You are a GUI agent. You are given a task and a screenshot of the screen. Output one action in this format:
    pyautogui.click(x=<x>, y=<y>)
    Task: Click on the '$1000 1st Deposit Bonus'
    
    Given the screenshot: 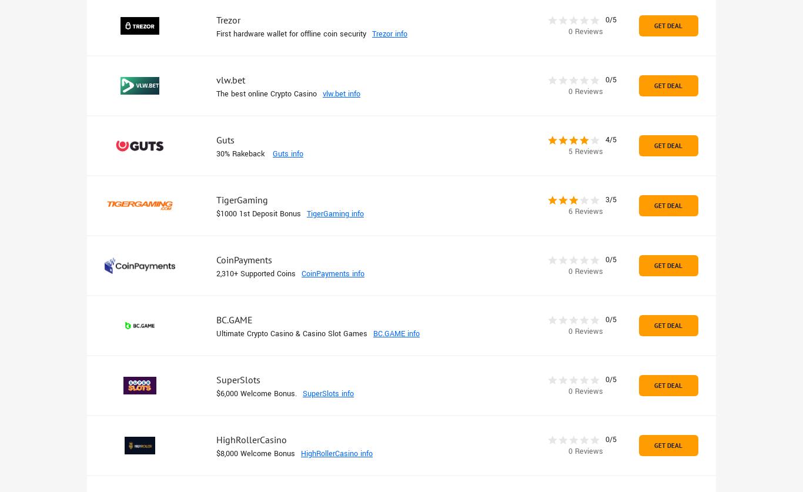 What is the action you would take?
    pyautogui.click(x=257, y=214)
    